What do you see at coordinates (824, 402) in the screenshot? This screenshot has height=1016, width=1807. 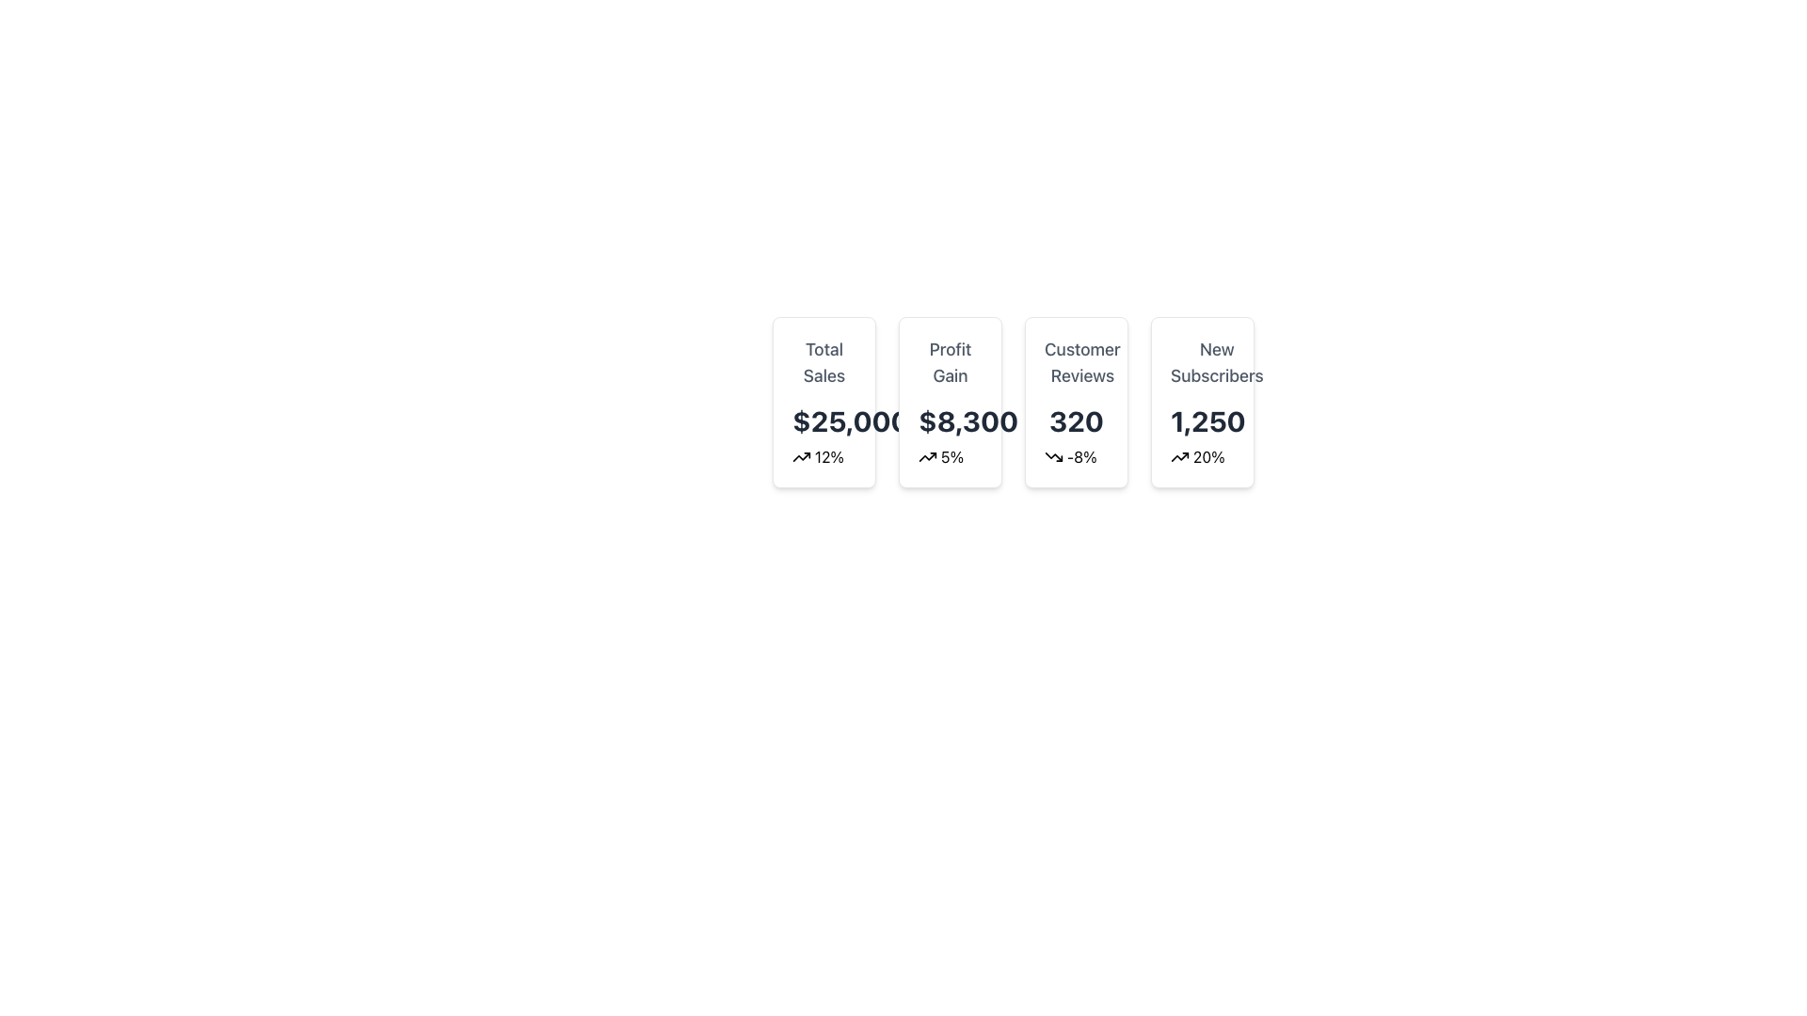 I see `the content of the Information Card that summarizes total sales and growth percentage, which is the first card in a grid layout of four cards` at bounding box center [824, 402].